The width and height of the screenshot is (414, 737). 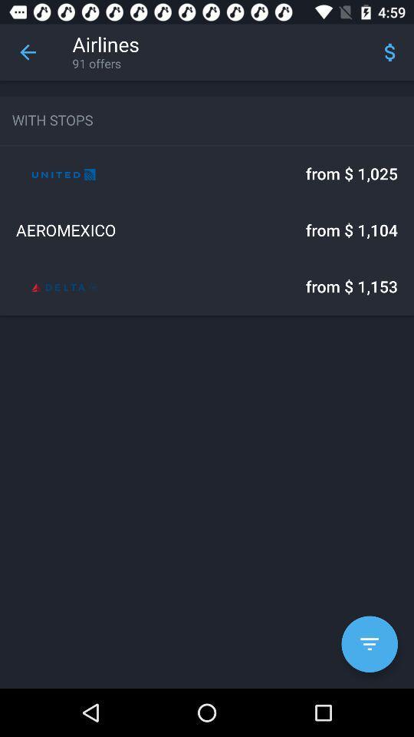 I want to click on the item above with stops item, so click(x=28, y=52).